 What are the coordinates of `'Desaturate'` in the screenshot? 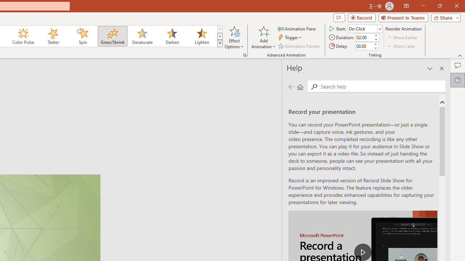 It's located at (142, 36).